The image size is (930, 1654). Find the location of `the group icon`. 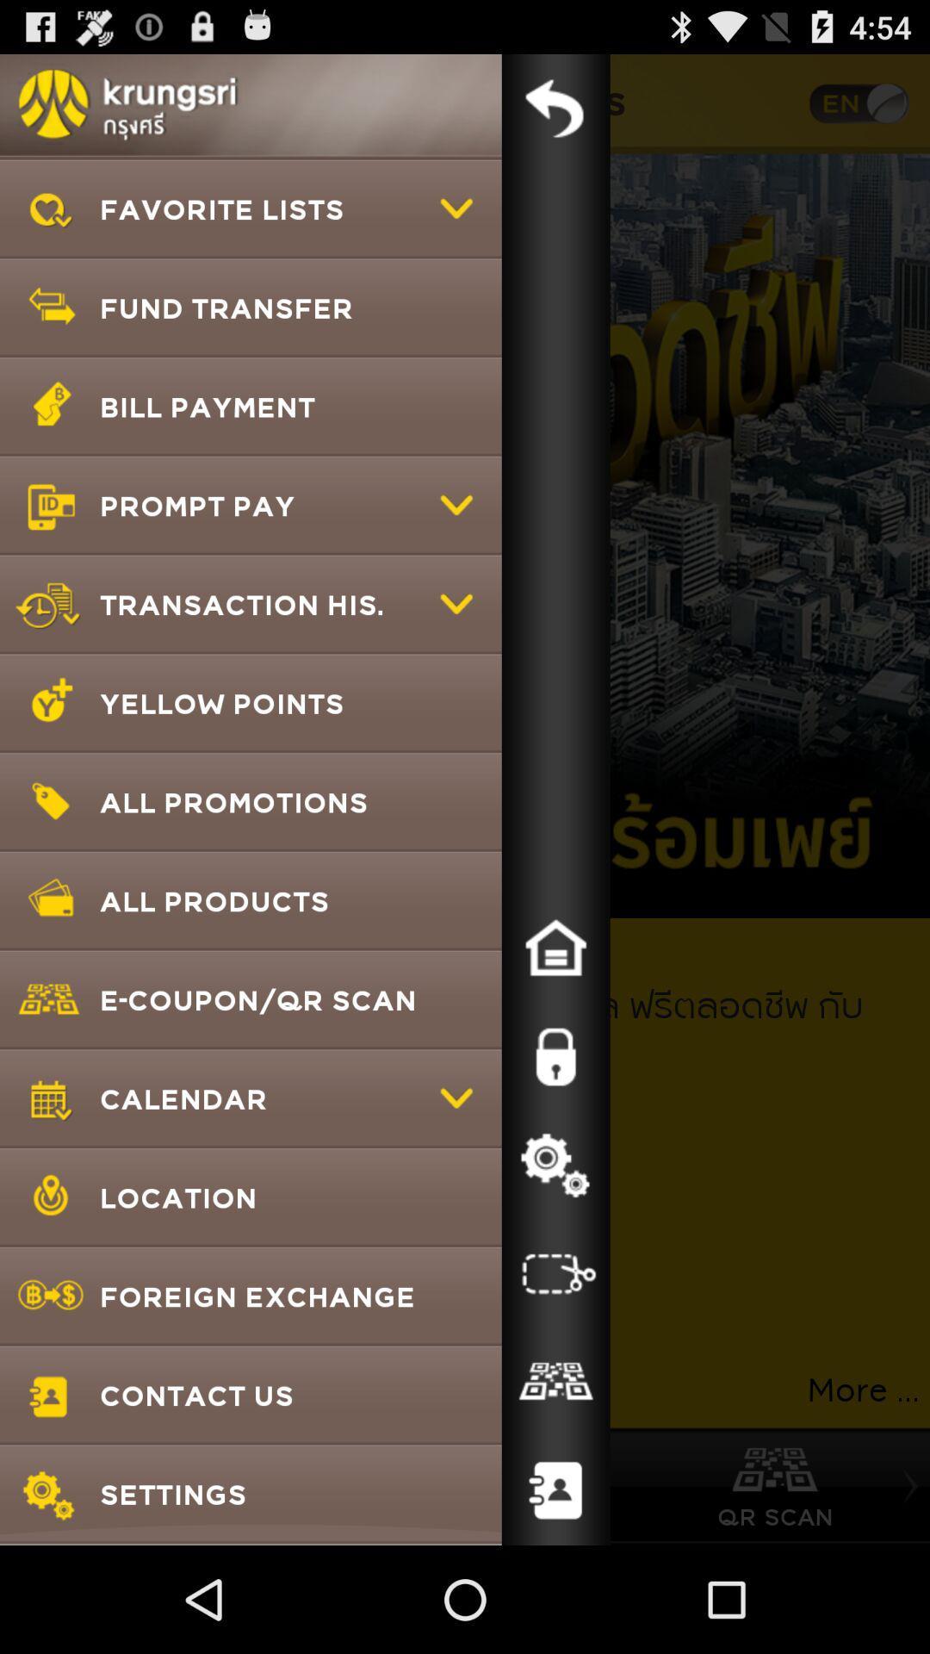

the group icon is located at coordinates (555, 1478).